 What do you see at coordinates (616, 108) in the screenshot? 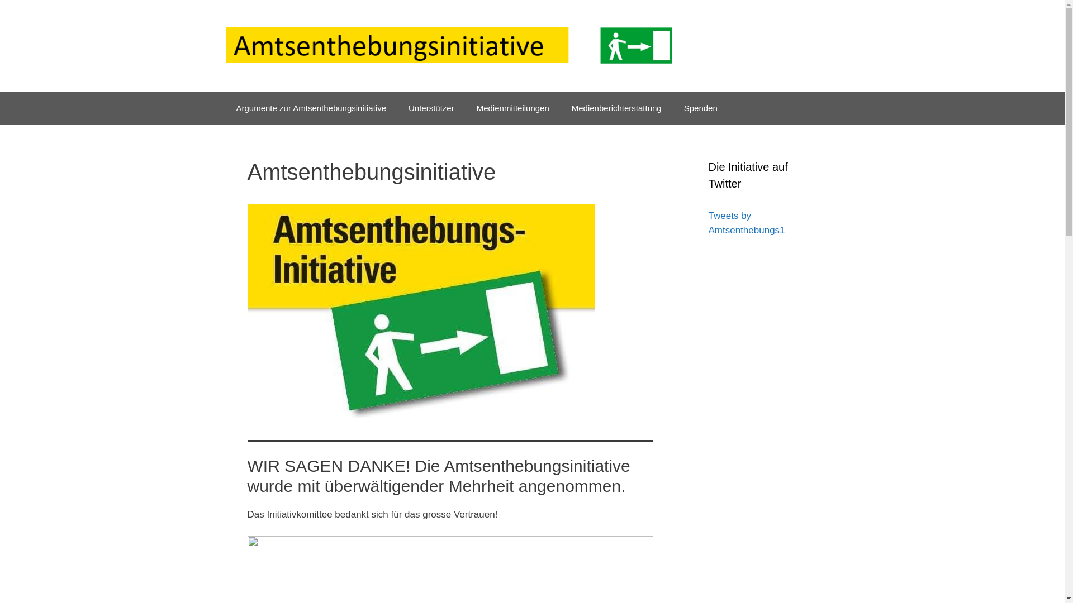
I see `'Medienberichterstattung'` at bounding box center [616, 108].